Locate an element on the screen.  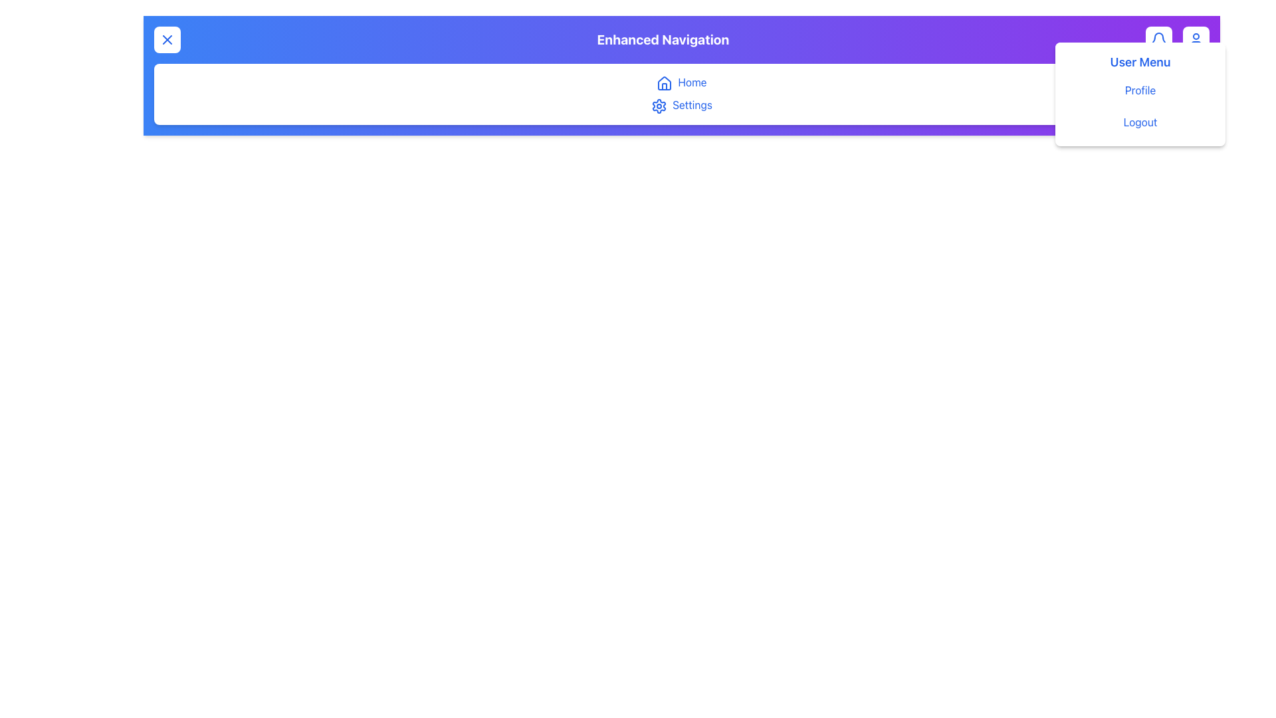
the gear/settings icon located near the top-right of the interface is located at coordinates (659, 105).